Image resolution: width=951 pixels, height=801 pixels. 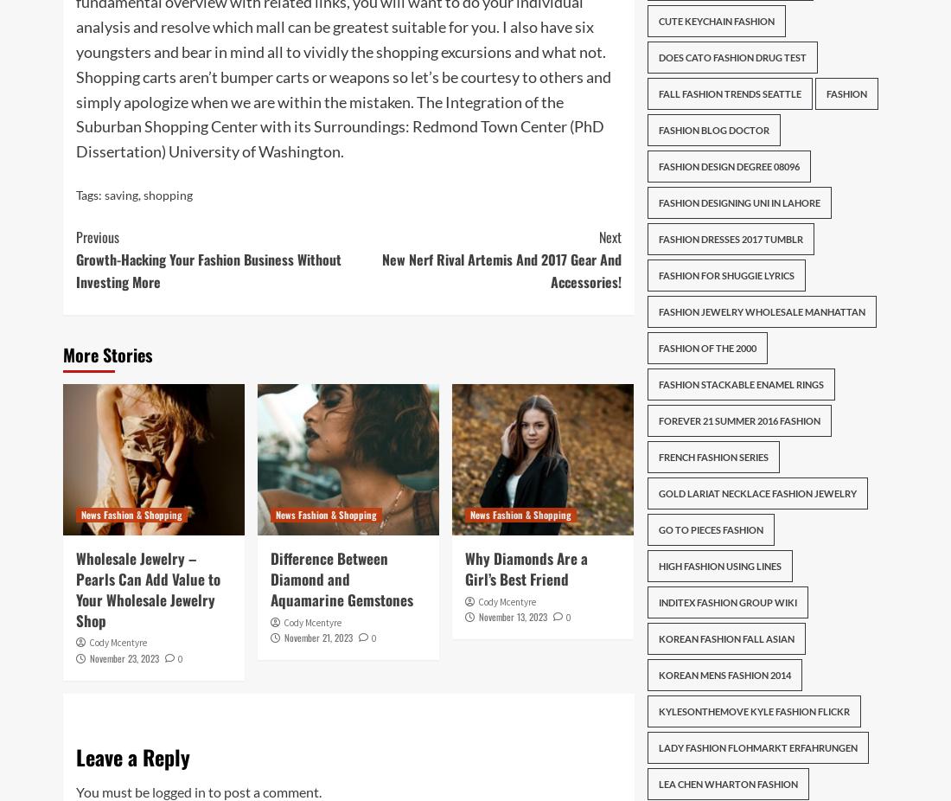 I want to click on 'French Fashion Series', so click(x=712, y=456).